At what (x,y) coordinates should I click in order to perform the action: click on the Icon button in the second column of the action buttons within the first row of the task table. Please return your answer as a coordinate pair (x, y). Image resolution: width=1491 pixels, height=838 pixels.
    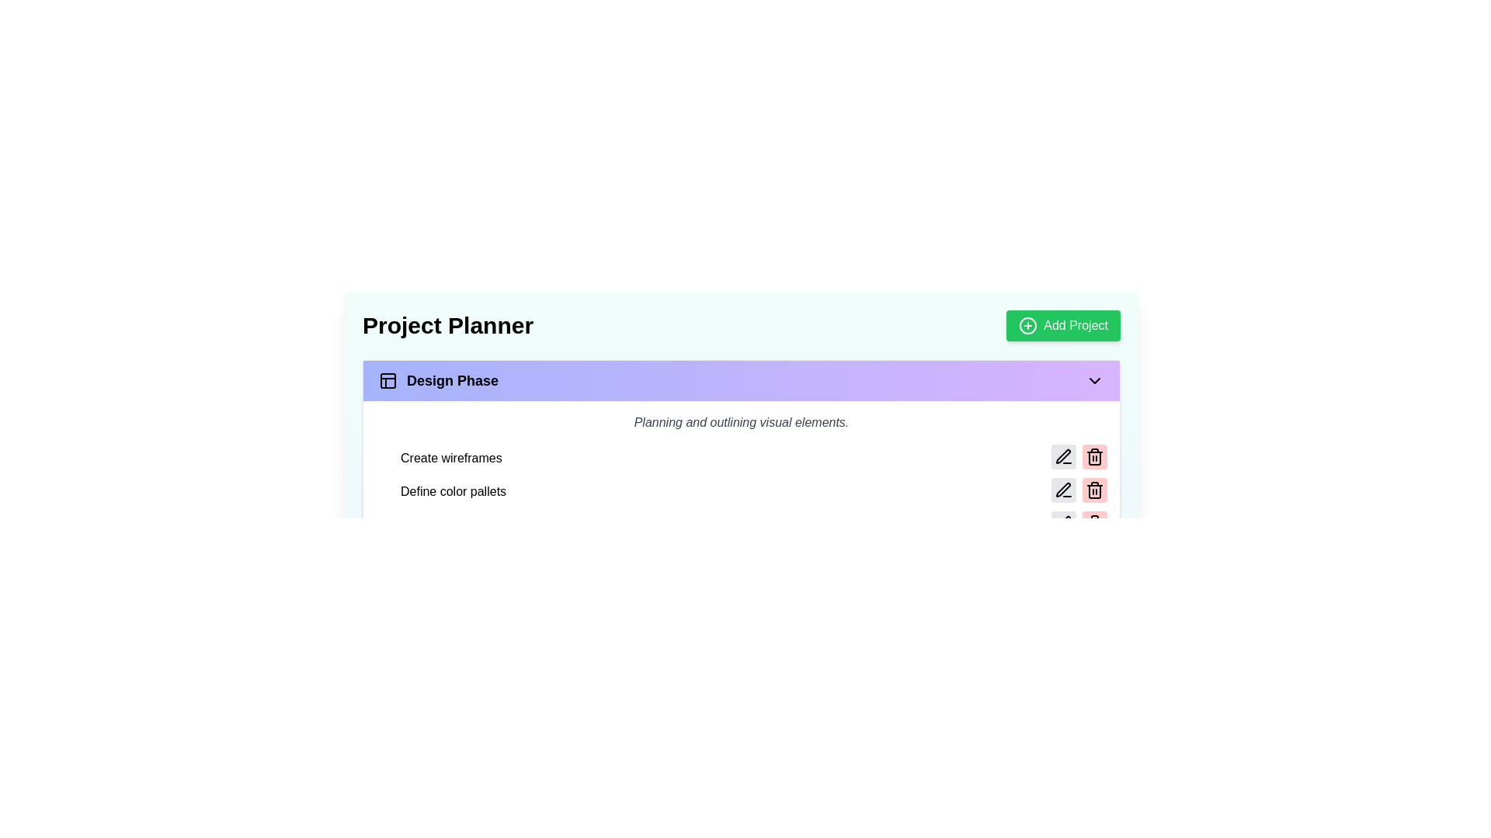
    Looking at the image, I should click on (1062, 523).